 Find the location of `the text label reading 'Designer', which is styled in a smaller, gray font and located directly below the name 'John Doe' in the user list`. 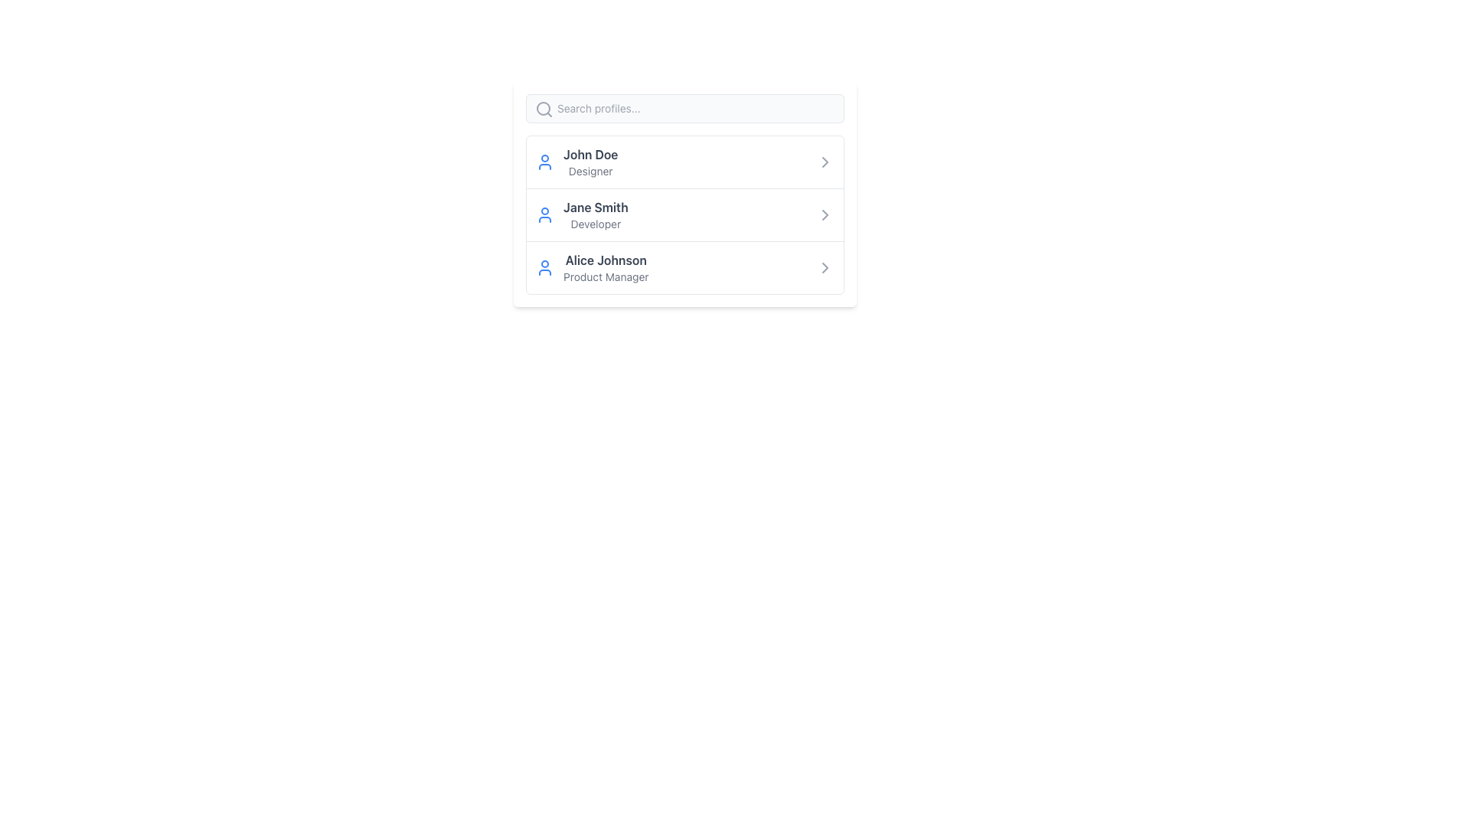

the text label reading 'Designer', which is styled in a smaller, gray font and located directly below the name 'John Doe' in the user list is located at coordinates (590, 171).